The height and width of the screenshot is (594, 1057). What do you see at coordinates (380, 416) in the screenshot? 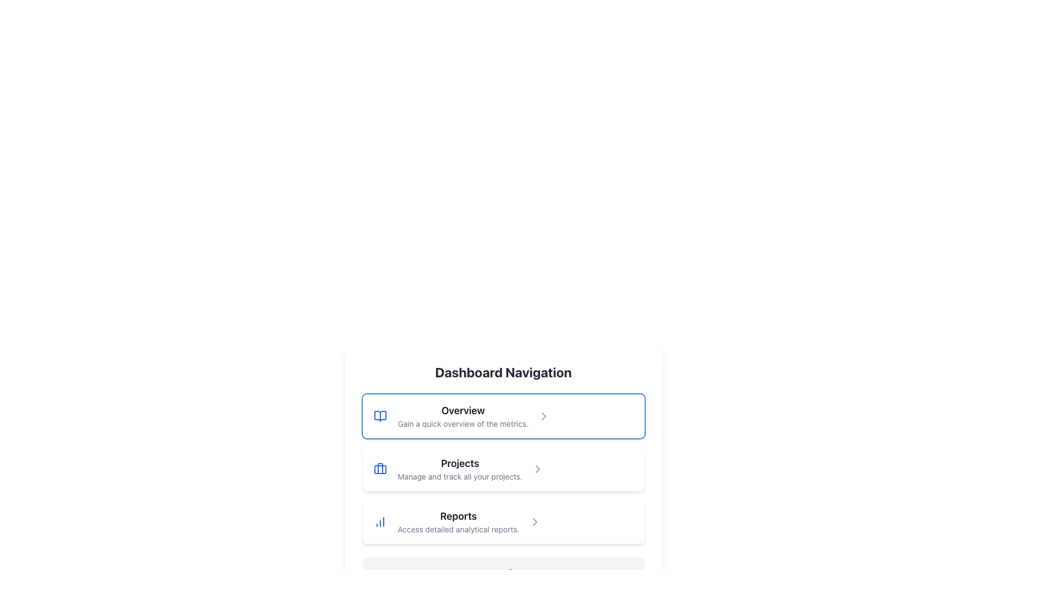
I see `the open book icon styled in blue, located in the 'Overview' navigation item` at bounding box center [380, 416].